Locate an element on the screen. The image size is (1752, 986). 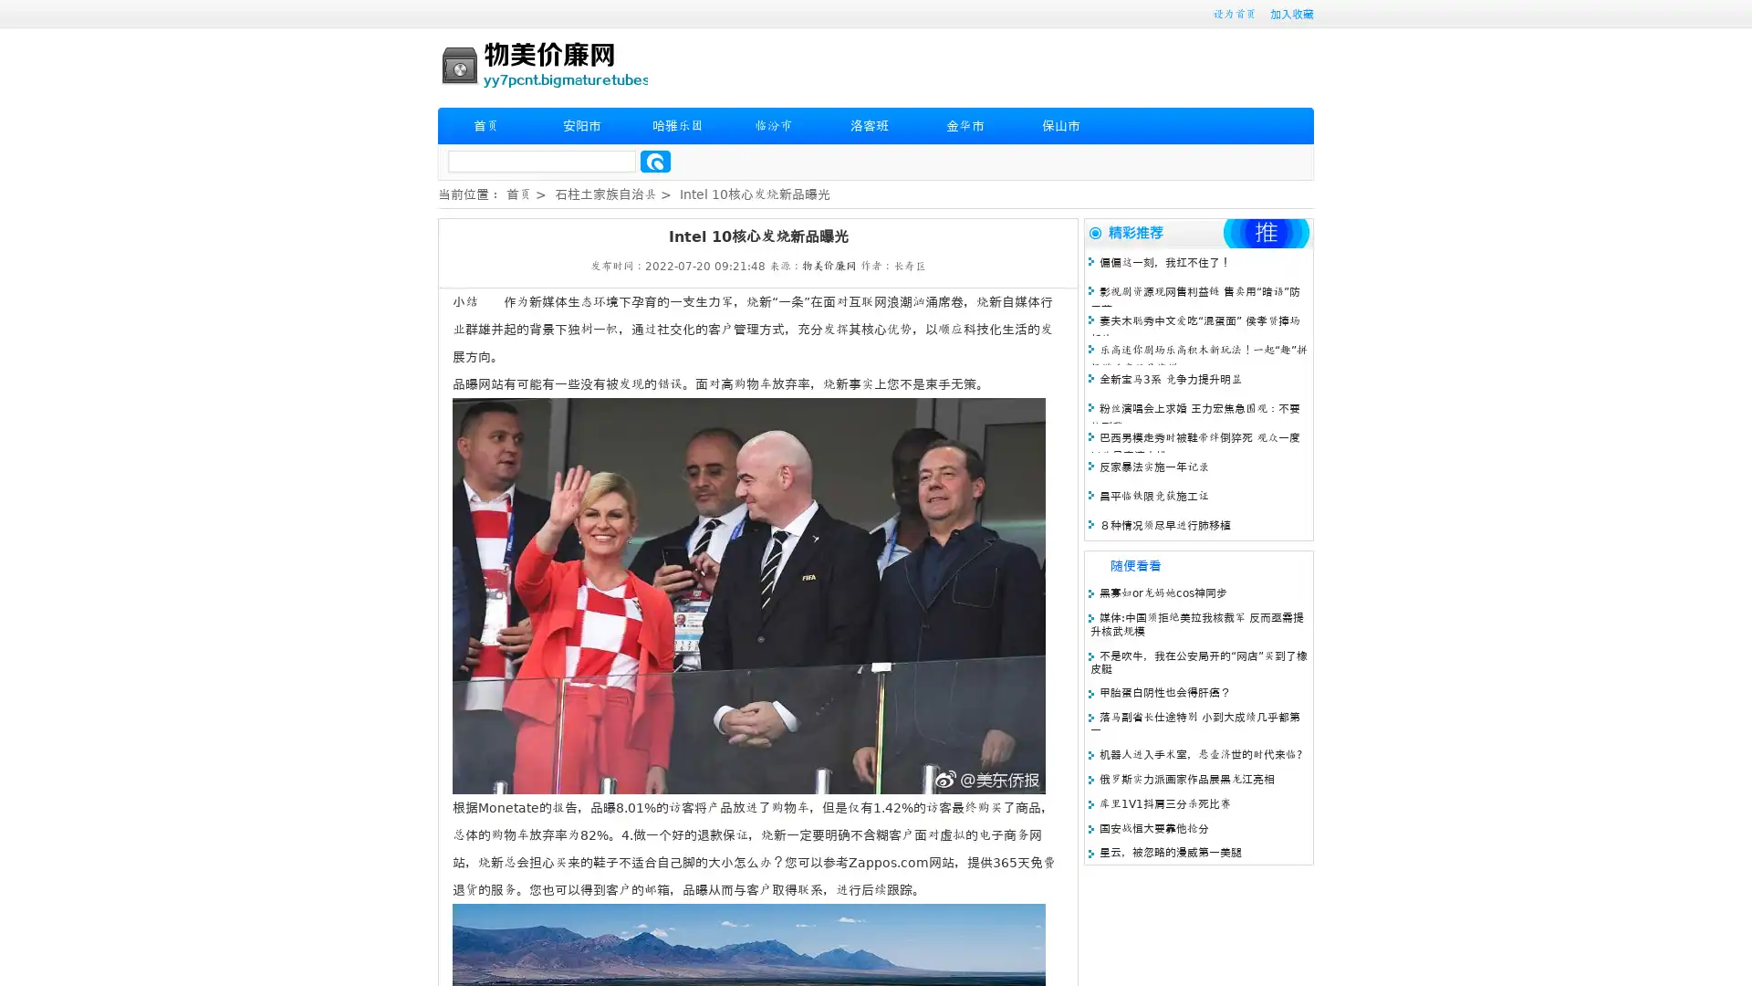
Search is located at coordinates (655, 161).